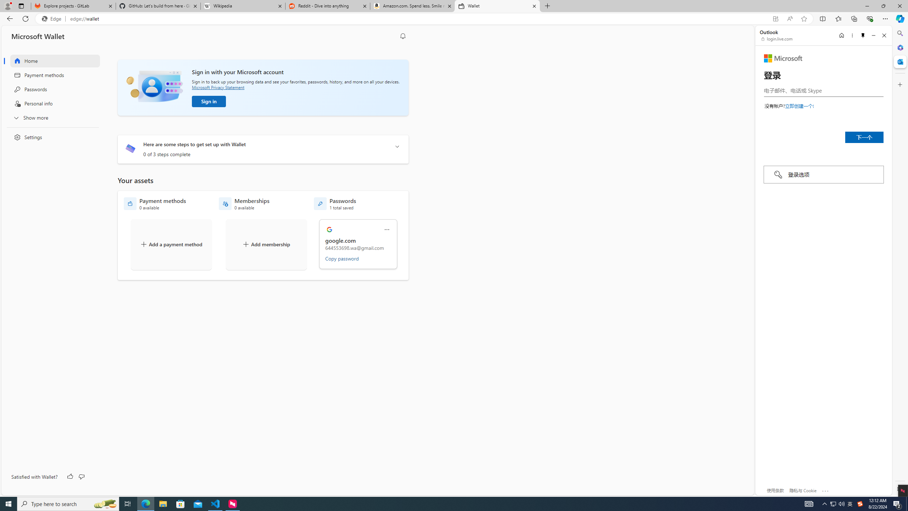  I want to click on 'Show more', so click(50, 117).